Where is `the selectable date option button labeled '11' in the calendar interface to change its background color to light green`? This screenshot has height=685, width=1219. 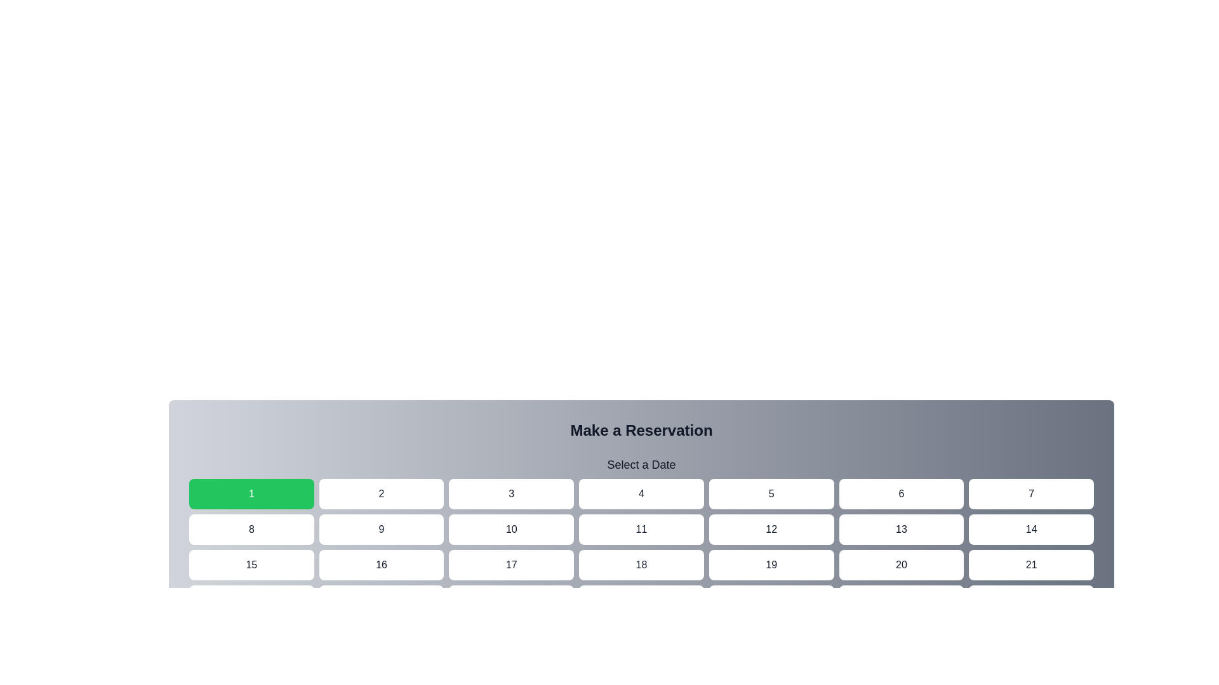 the selectable date option button labeled '11' in the calendar interface to change its background color to light green is located at coordinates (641, 529).